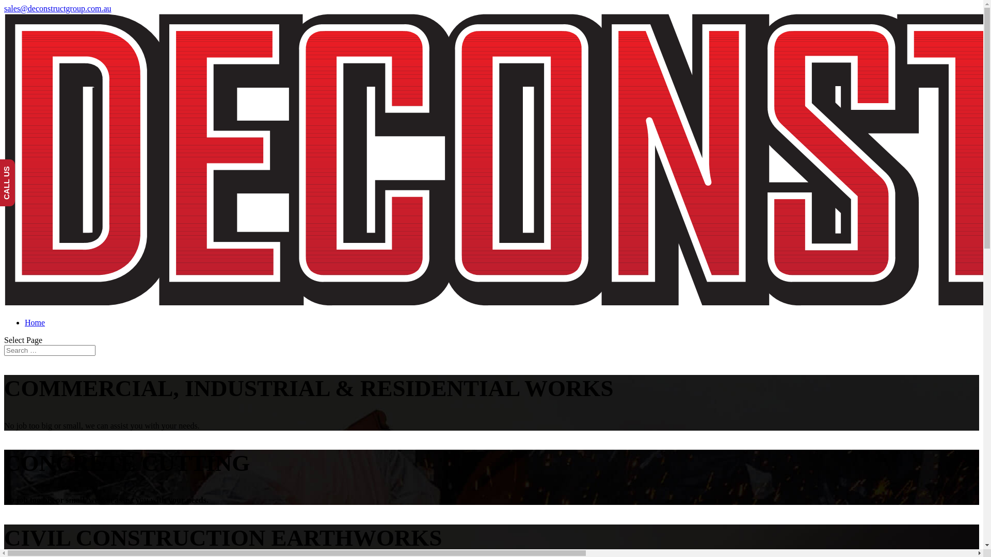 The width and height of the screenshot is (991, 557). What do you see at coordinates (49, 350) in the screenshot?
I see `'Search for:'` at bounding box center [49, 350].